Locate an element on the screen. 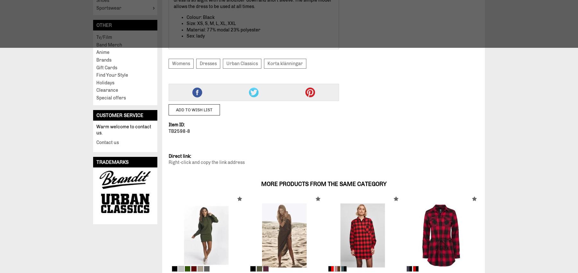 The width and height of the screenshot is (578, 273). 'Warm welcome to contact us.' is located at coordinates (124, 129).